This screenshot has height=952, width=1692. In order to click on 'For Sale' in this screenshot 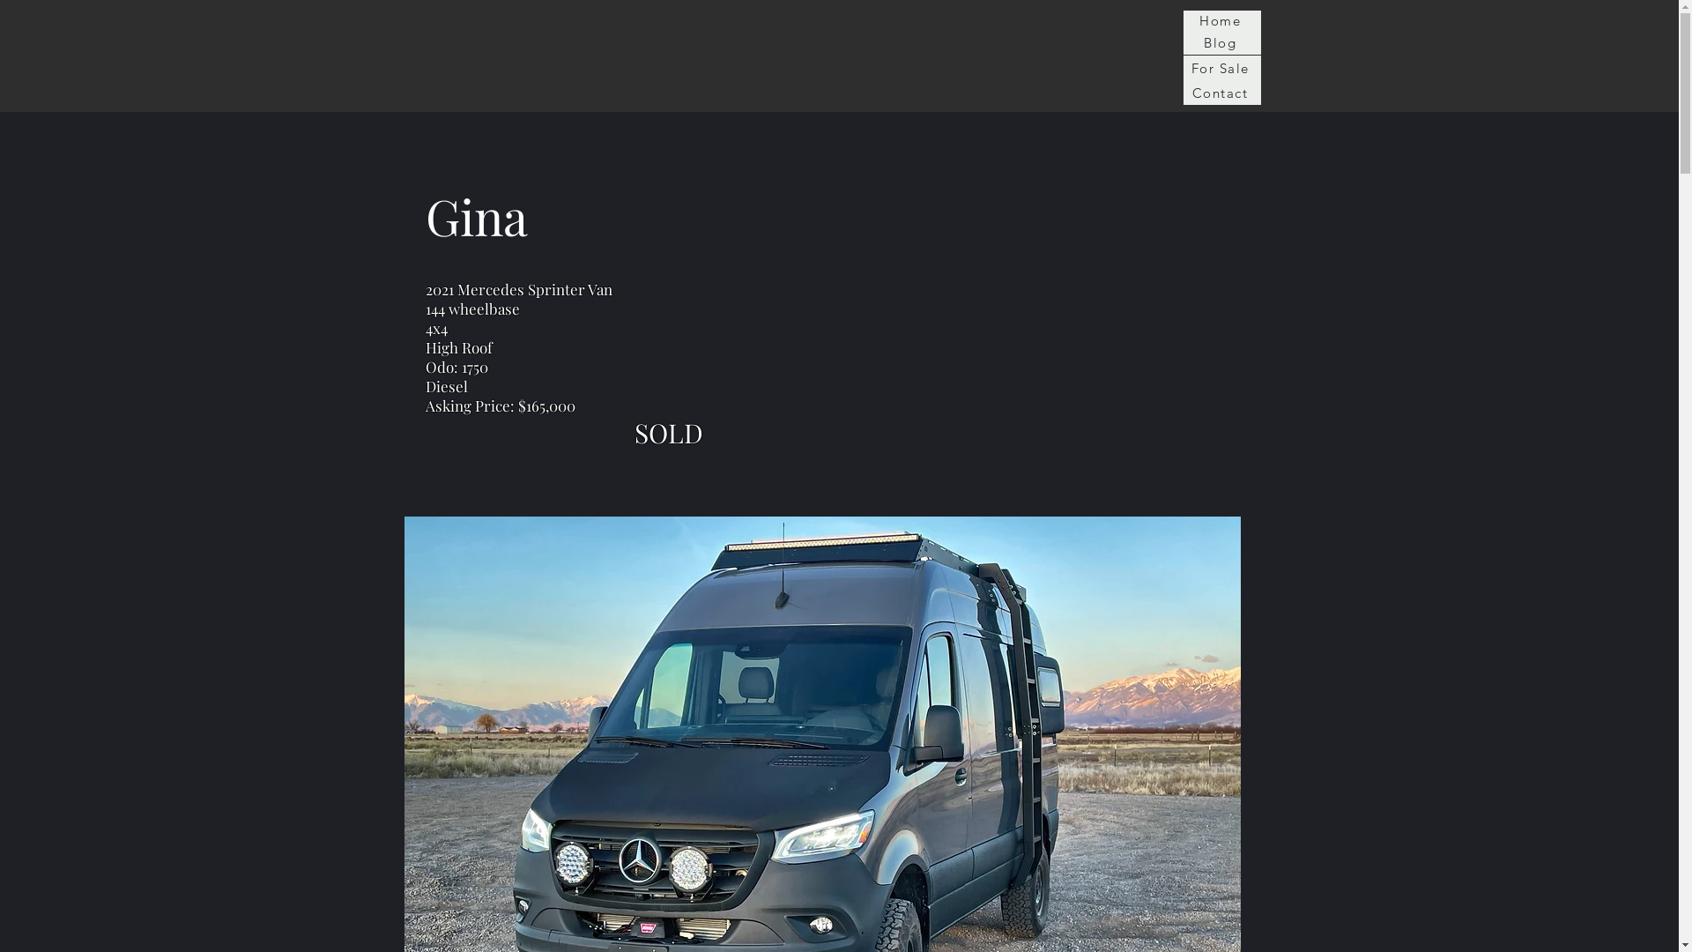, I will do `click(1221, 67)`.